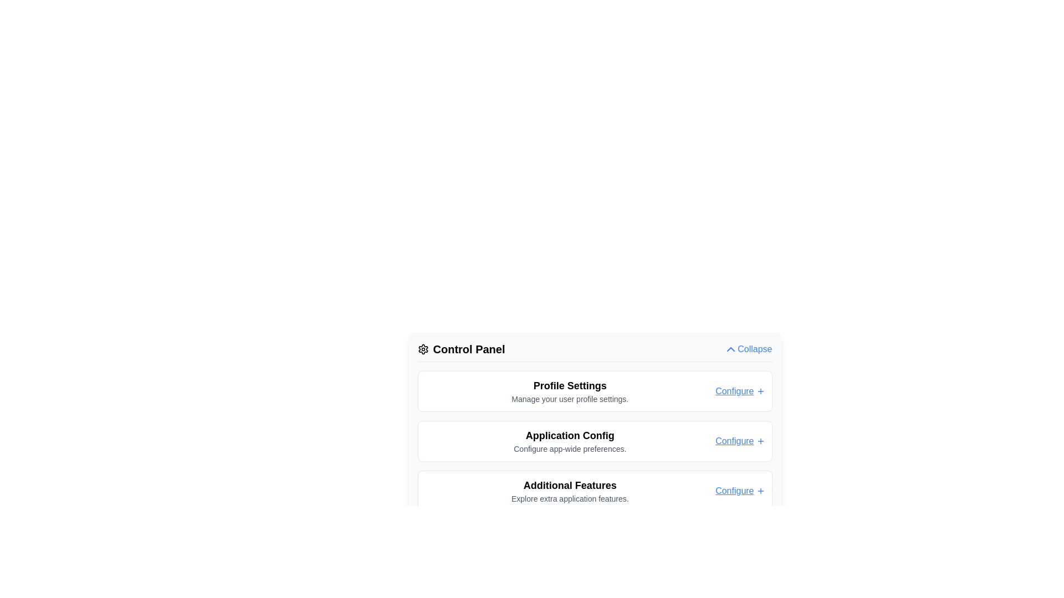  I want to click on the 'Profile Settings' text label which serves as the section heading for user profile settings, so click(570, 385).